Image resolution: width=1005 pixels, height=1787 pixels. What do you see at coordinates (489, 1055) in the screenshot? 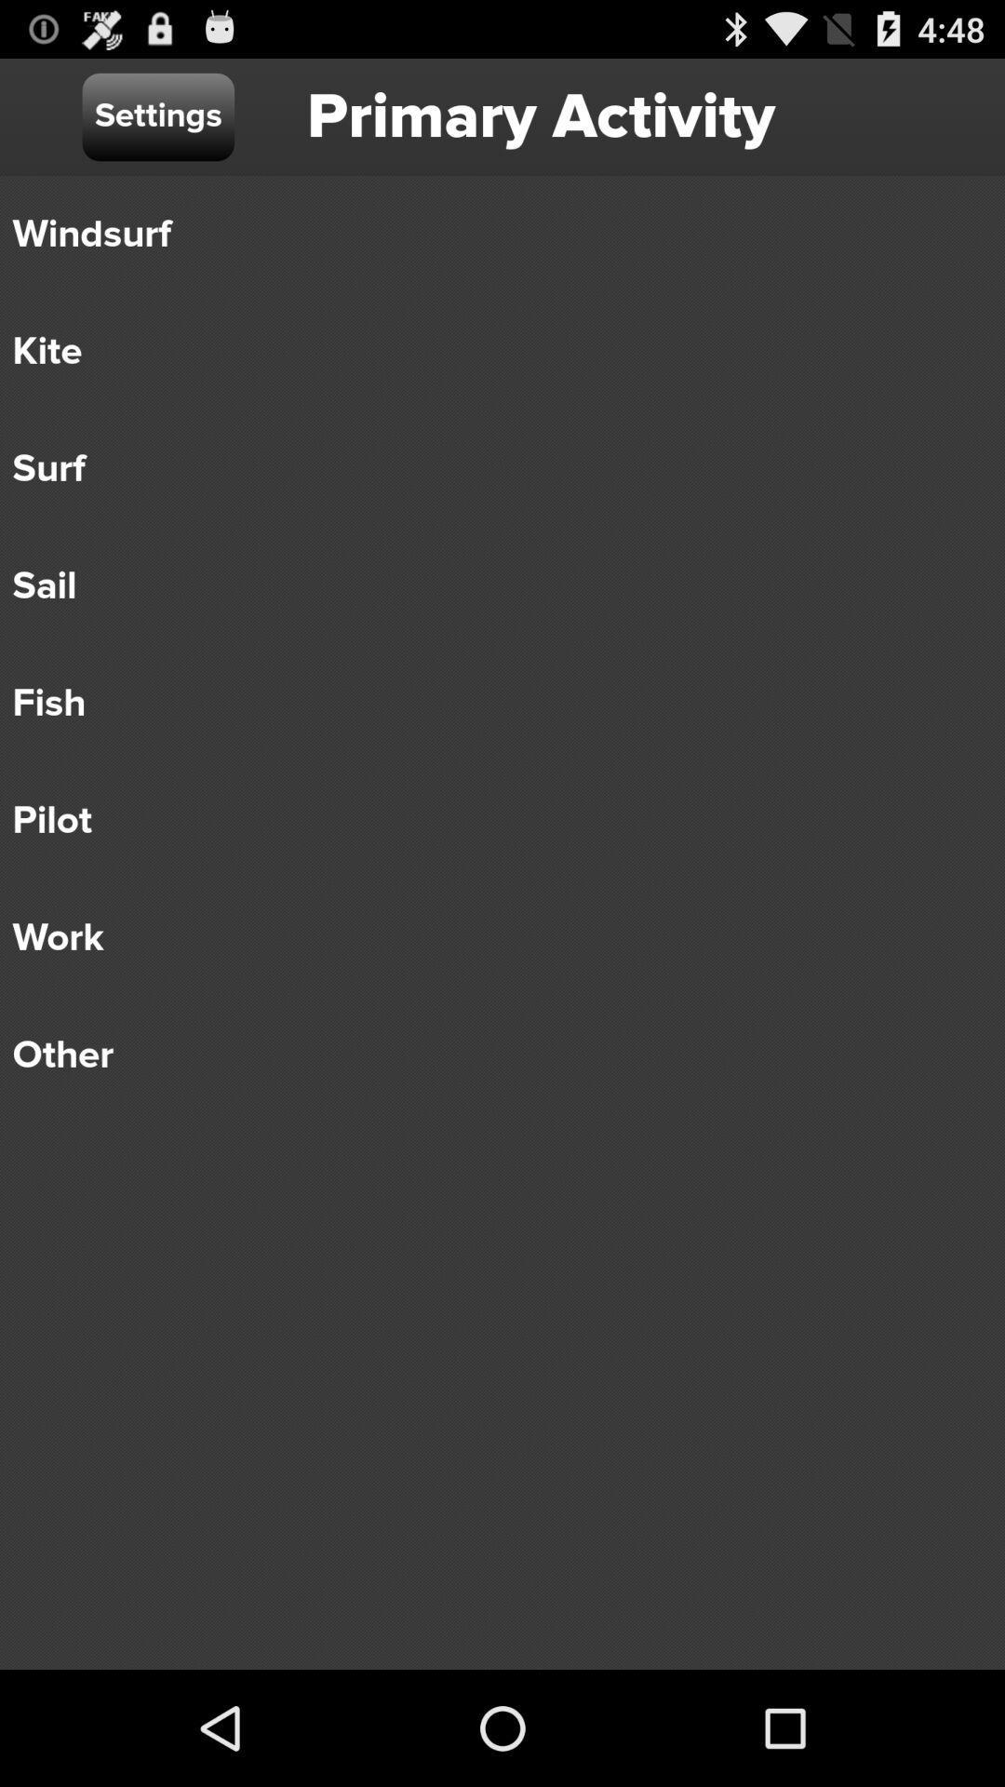
I see `the icon below the work icon` at bounding box center [489, 1055].